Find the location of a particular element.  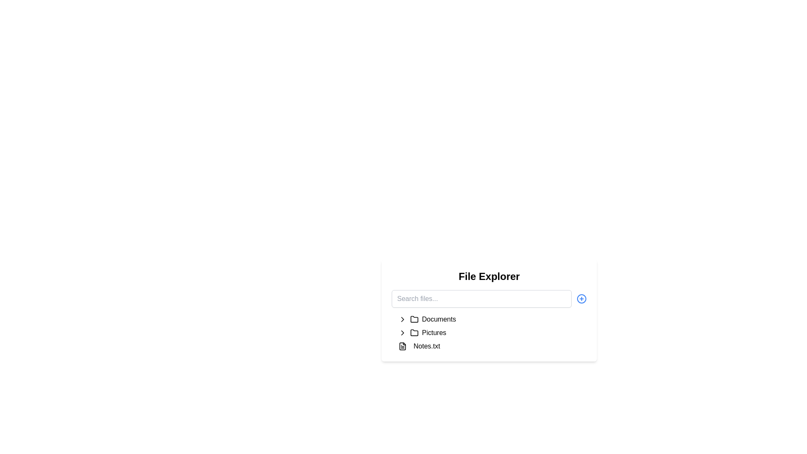

the SVG folder icon located in the 'Documents' line of the file explorer, which is characterized by a rectangular base with a slanted top edge and is positioned immediately to the left of the 'Documents' text is located at coordinates (414, 319).